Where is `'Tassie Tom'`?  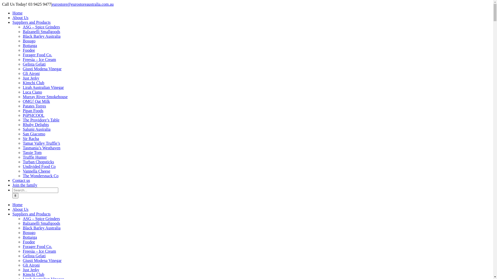
'Tassie Tom' is located at coordinates (32, 152).